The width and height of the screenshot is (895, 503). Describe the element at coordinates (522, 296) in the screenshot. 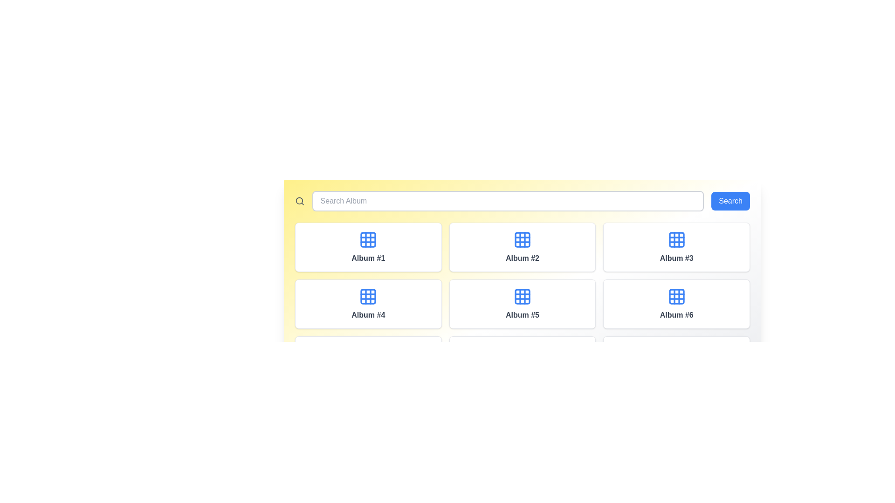

I see `the blue 3x3 grid icon located above the 'Album #5' title in the second row and third column of the albums grid` at that location.